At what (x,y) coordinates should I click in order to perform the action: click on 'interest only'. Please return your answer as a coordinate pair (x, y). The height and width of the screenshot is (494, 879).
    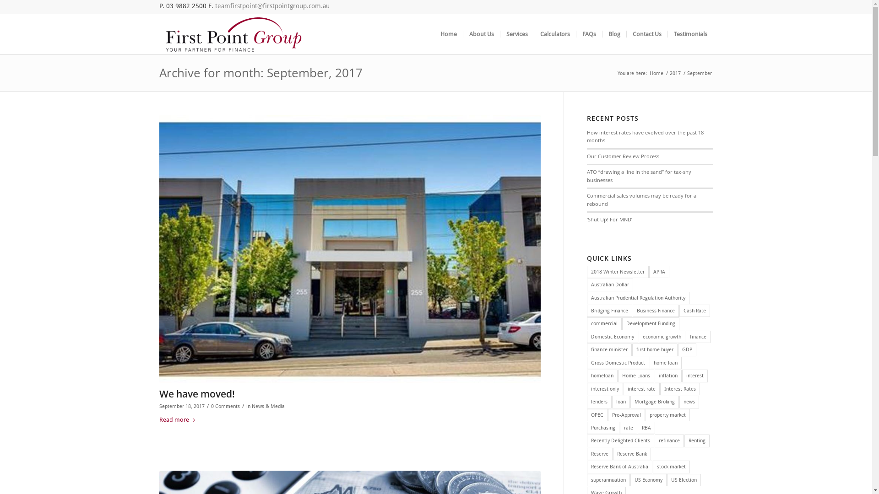
    Looking at the image, I should click on (605, 389).